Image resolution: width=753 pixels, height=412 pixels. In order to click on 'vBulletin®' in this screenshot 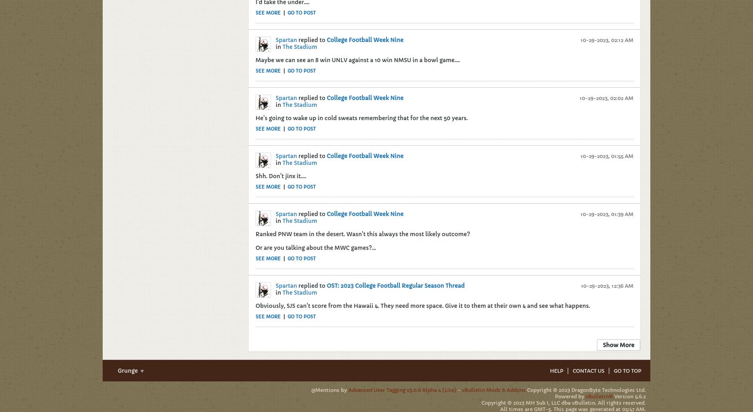, I will do `click(599, 396)`.